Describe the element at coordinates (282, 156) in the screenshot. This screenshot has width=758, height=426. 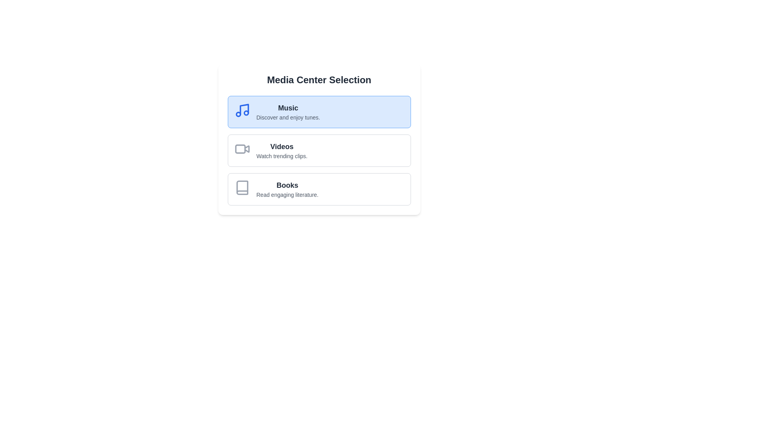
I see `the text label summarizing key content related to the 'Videos' section, located under the 'Videos' heading in the second section of the component list` at that location.